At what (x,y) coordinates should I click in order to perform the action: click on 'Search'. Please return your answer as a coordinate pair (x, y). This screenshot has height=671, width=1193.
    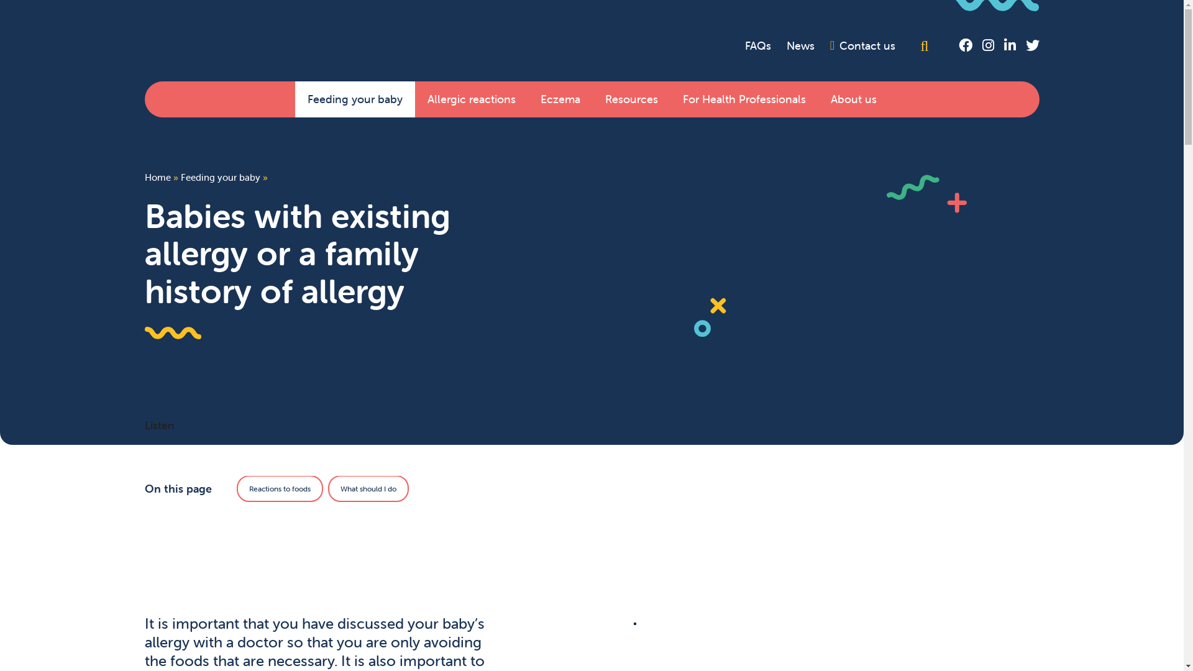
    Looking at the image, I should click on (926, 45).